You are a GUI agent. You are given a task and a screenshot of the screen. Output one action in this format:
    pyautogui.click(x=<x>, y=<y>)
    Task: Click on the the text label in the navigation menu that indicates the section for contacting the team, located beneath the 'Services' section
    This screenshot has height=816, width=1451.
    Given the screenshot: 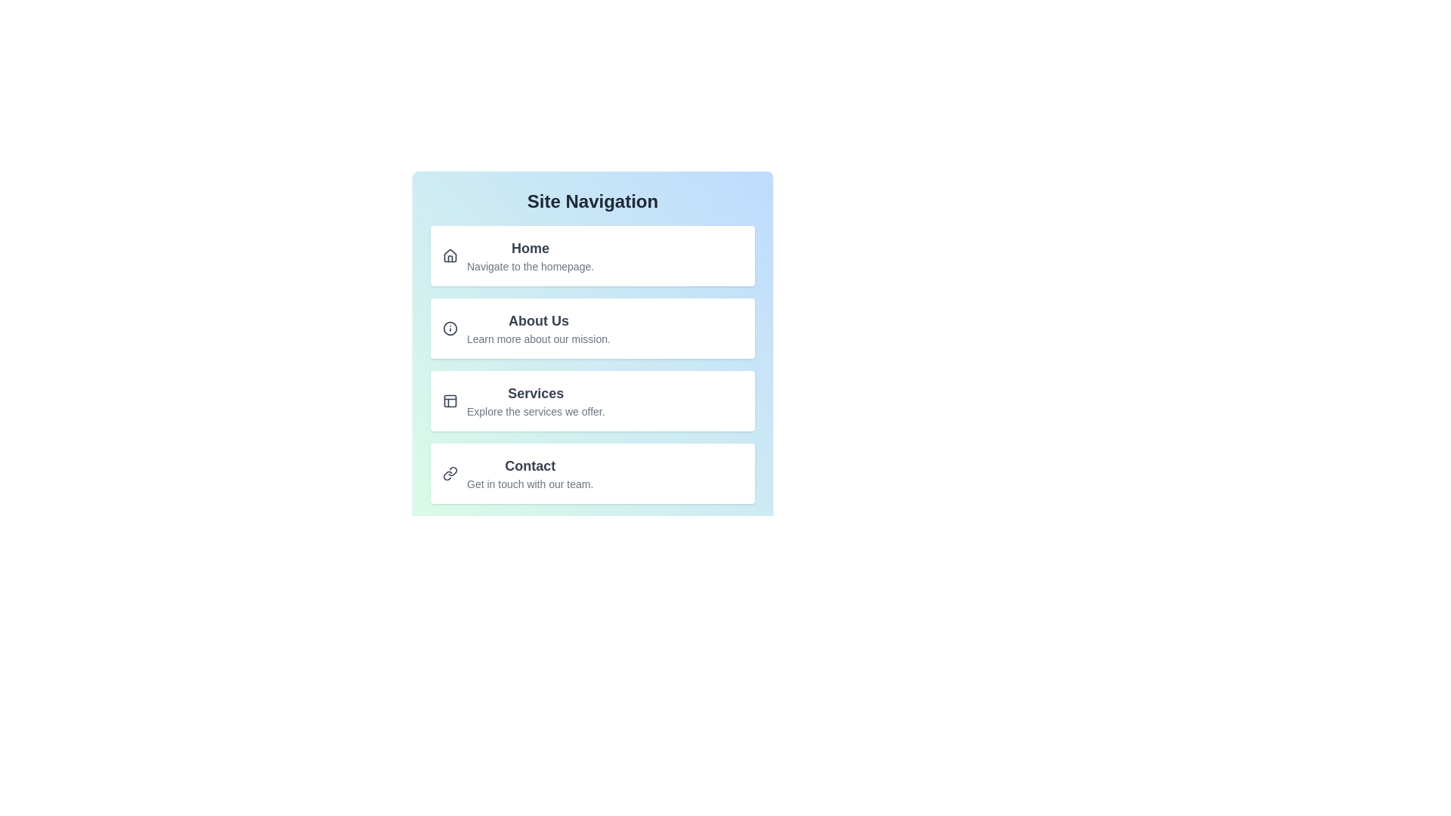 What is the action you would take?
    pyautogui.click(x=530, y=465)
    